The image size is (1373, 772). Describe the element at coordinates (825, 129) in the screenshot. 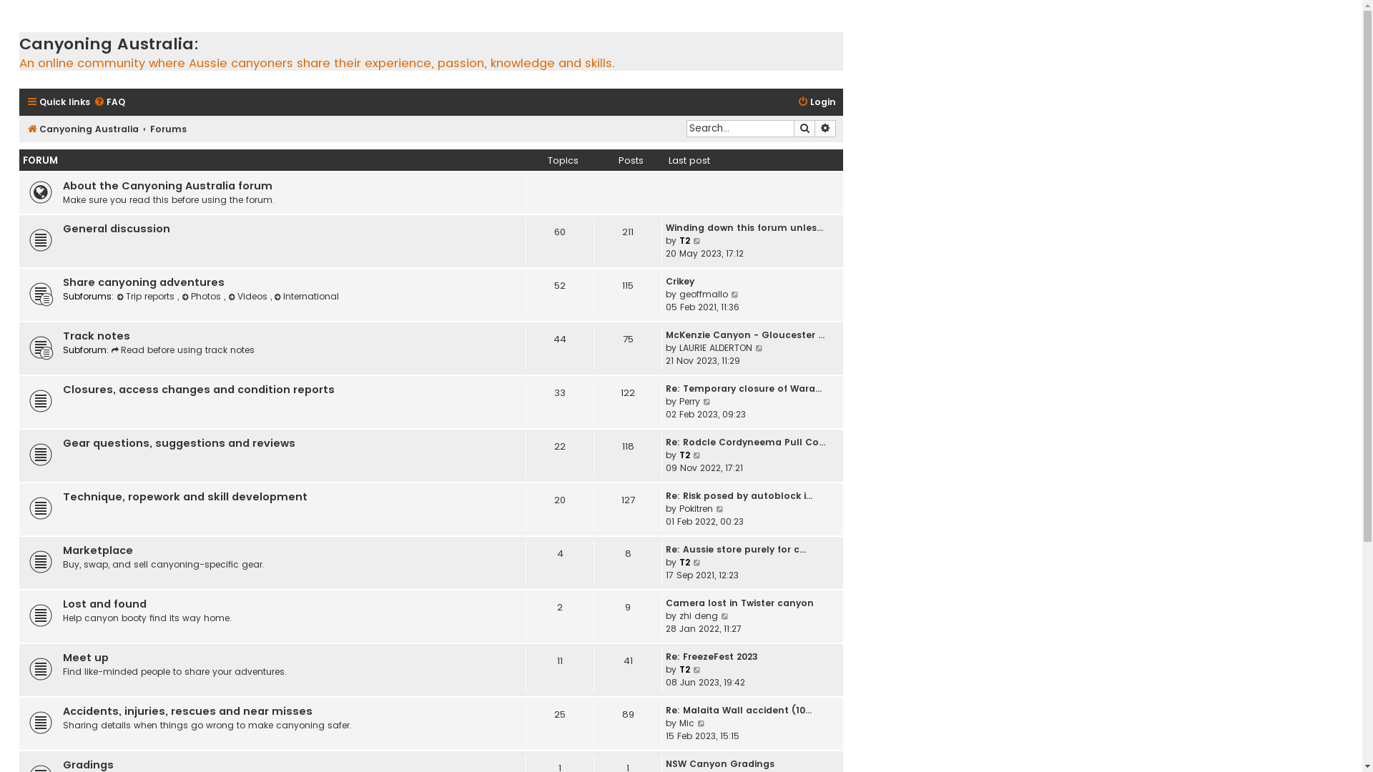

I see `'Advanced search'` at that location.